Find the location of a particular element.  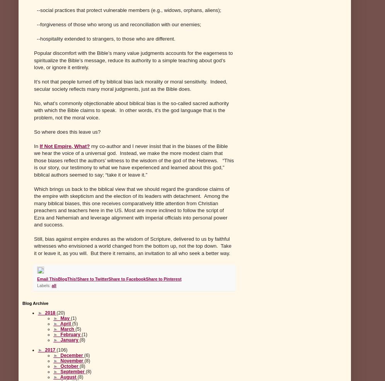

'Email This' is located at coordinates (37, 278).